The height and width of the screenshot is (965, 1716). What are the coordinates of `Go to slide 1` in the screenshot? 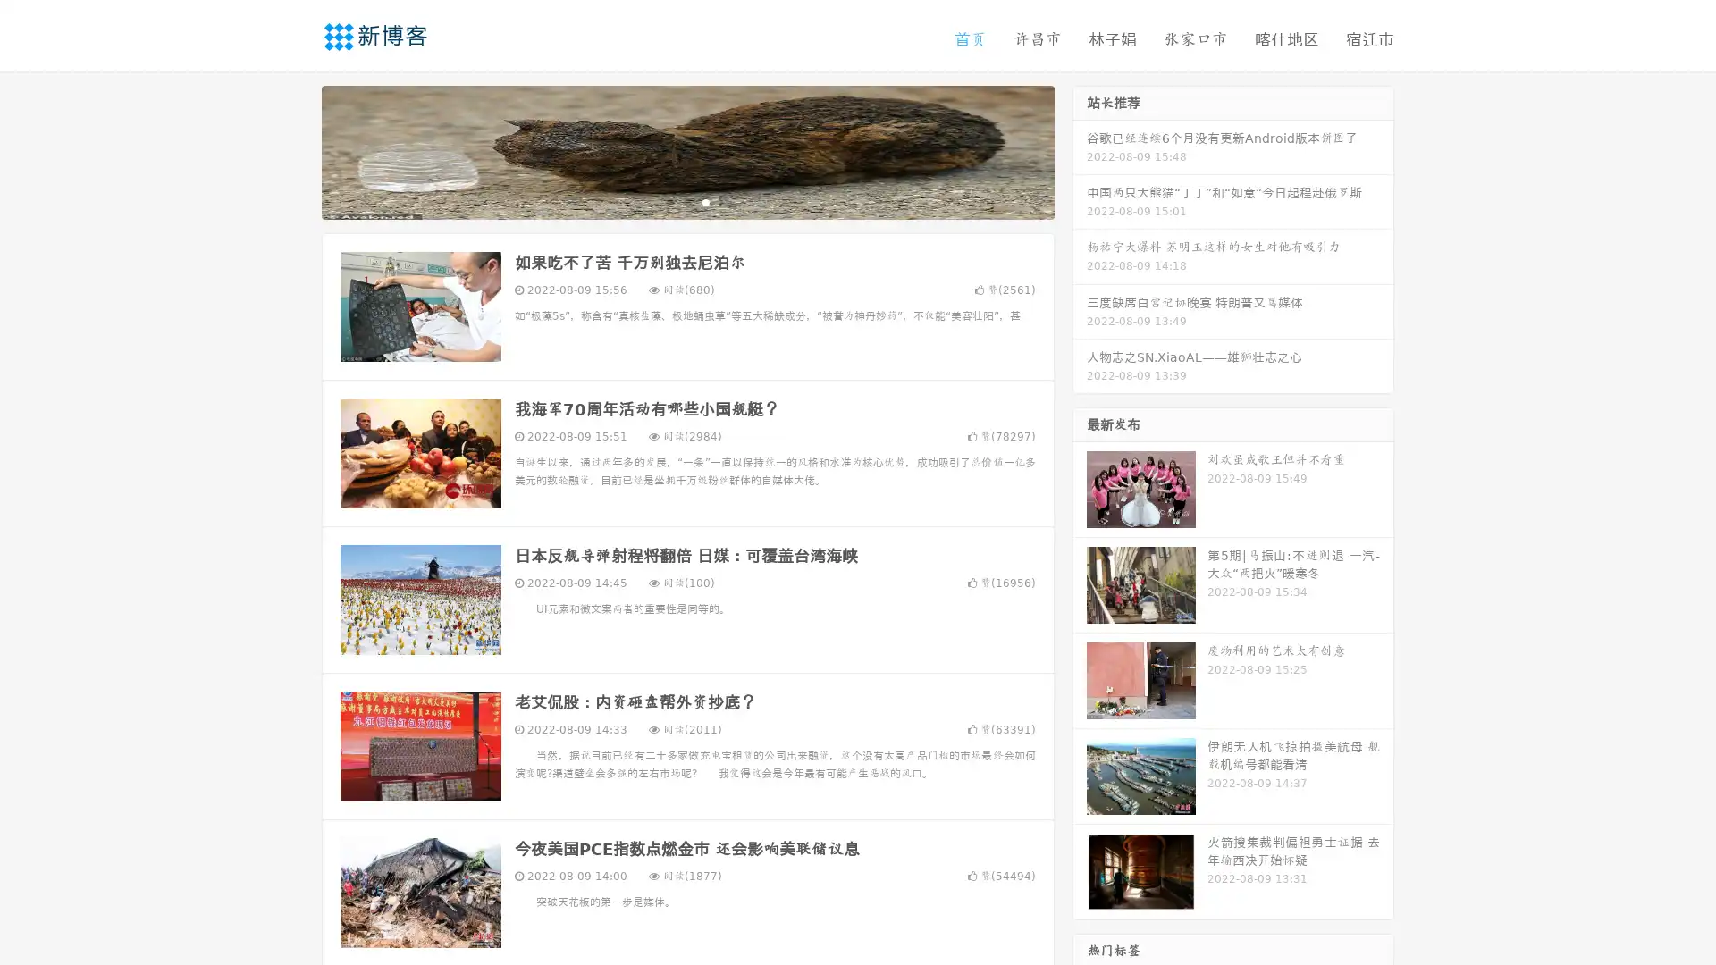 It's located at (669, 201).